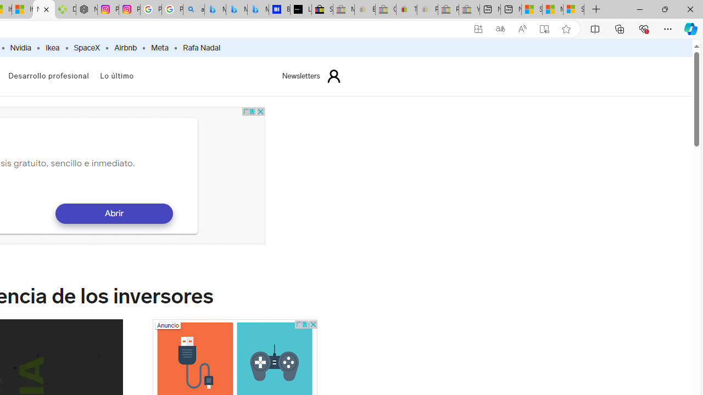 The image size is (703, 395). What do you see at coordinates (544, 29) in the screenshot?
I see `'Enter Immersive Reader (F9)'` at bounding box center [544, 29].